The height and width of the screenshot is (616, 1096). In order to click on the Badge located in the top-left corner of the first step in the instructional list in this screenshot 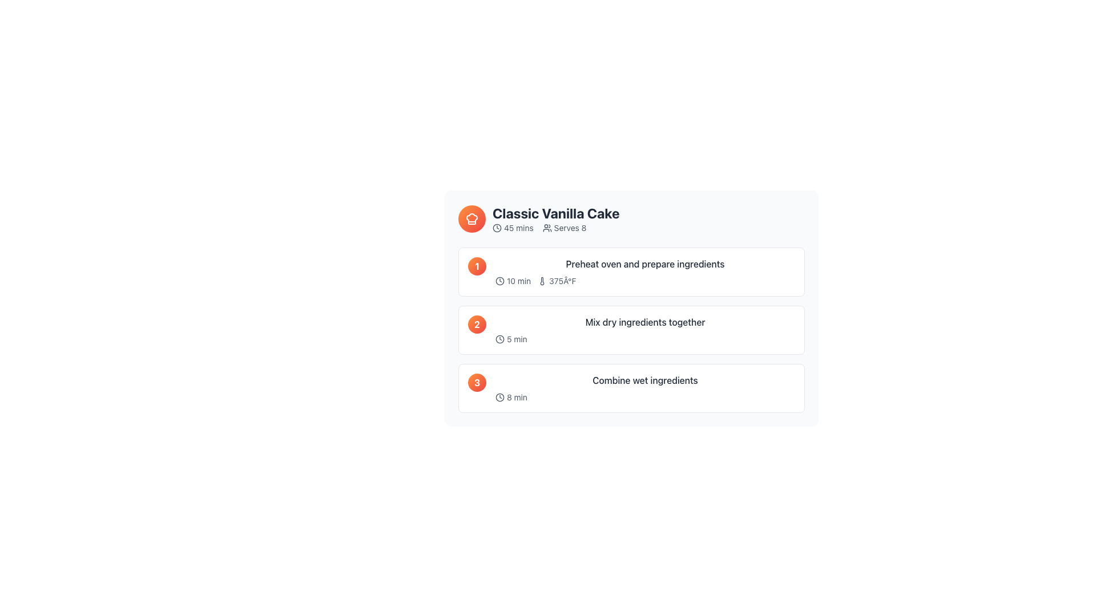, I will do `click(477, 266)`.